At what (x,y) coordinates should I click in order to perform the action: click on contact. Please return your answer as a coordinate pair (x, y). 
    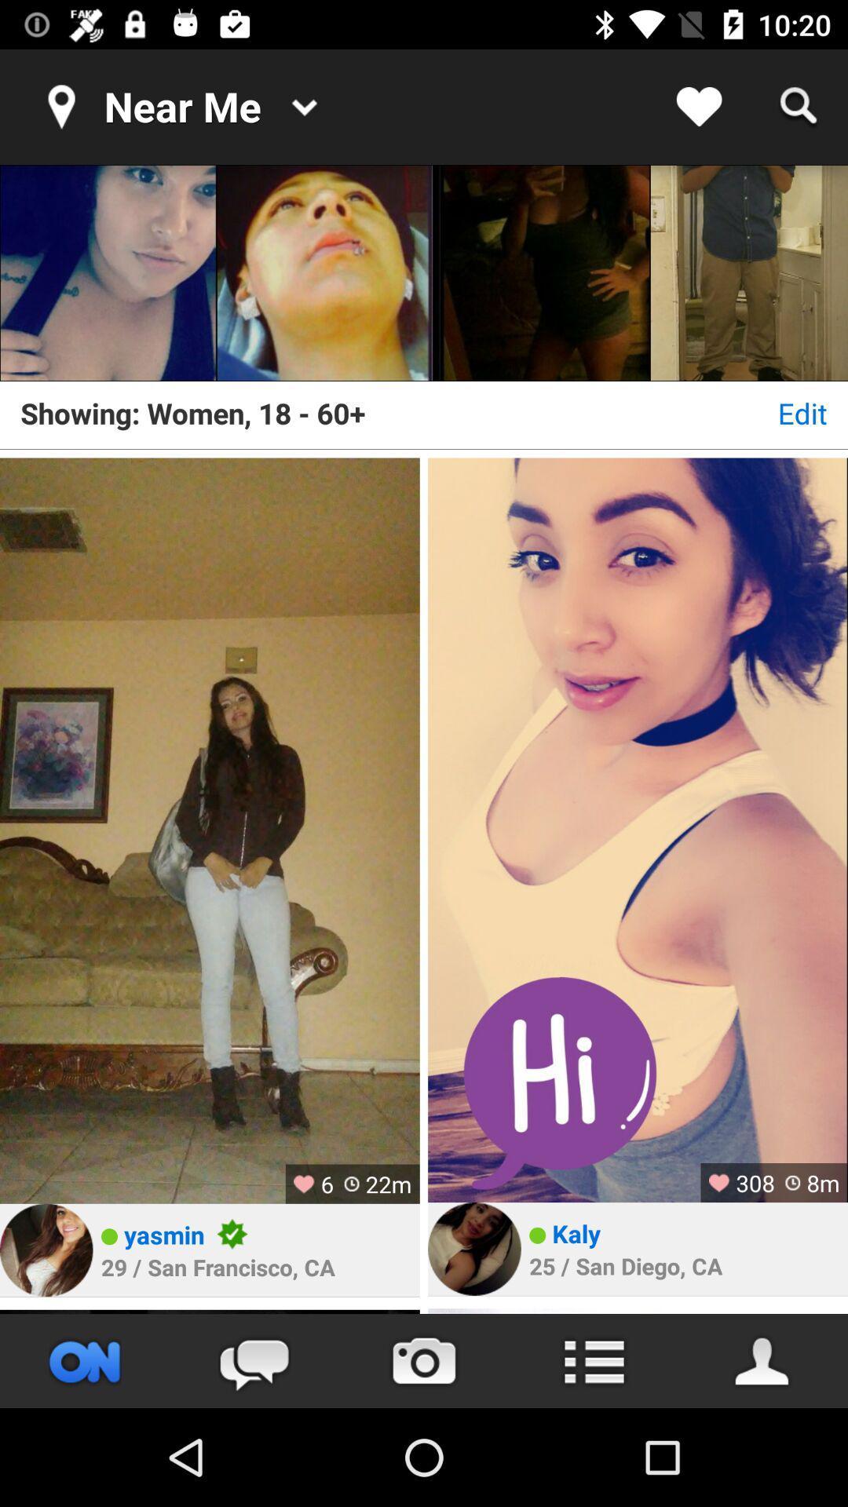
    Looking at the image, I should click on (762, 1360).